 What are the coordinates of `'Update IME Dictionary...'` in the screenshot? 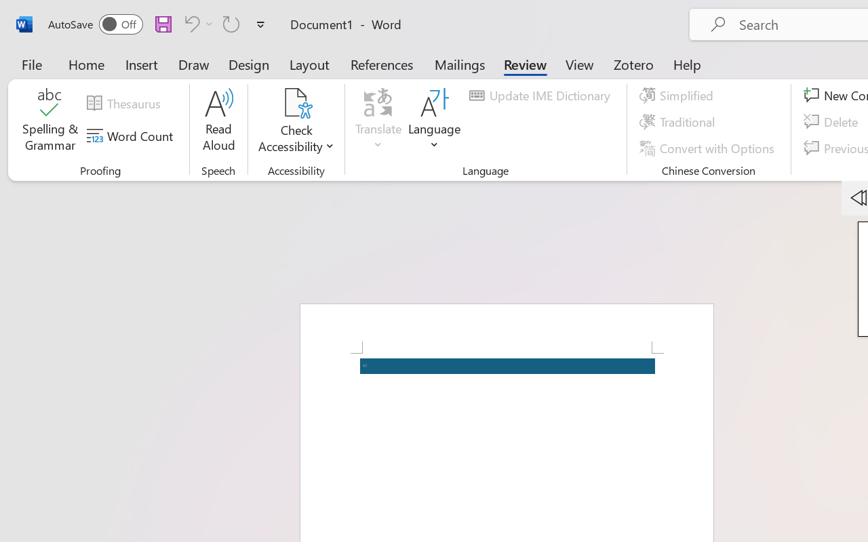 It's located at (541, 96).